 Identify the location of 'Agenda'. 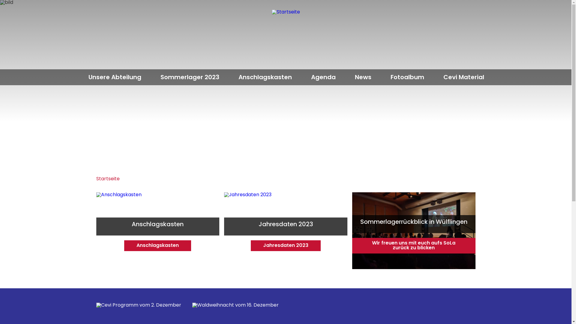
(323, 77).